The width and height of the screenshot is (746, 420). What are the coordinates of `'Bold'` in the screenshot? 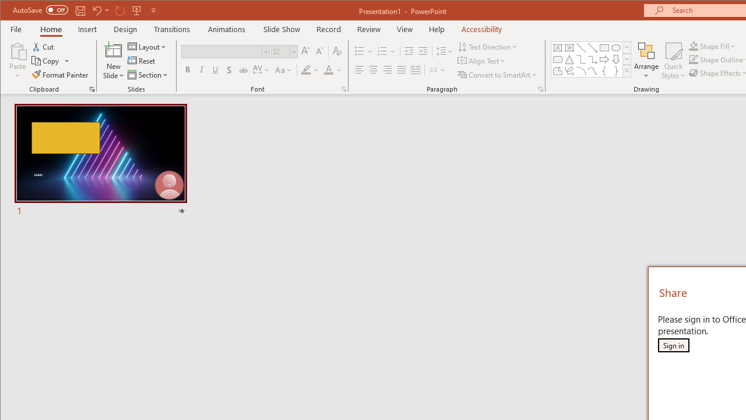 It's located at (187, 70).